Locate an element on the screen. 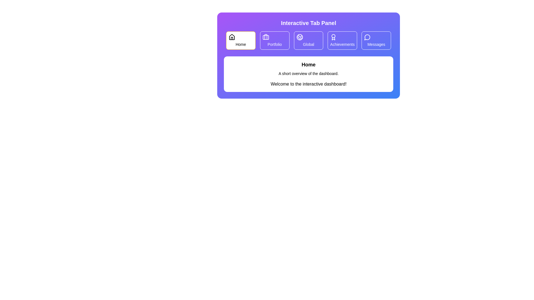 The width and height of the screenshot is (534, 300). the 'Global' icon in the navigation tab is located at coordinates (299, 37).